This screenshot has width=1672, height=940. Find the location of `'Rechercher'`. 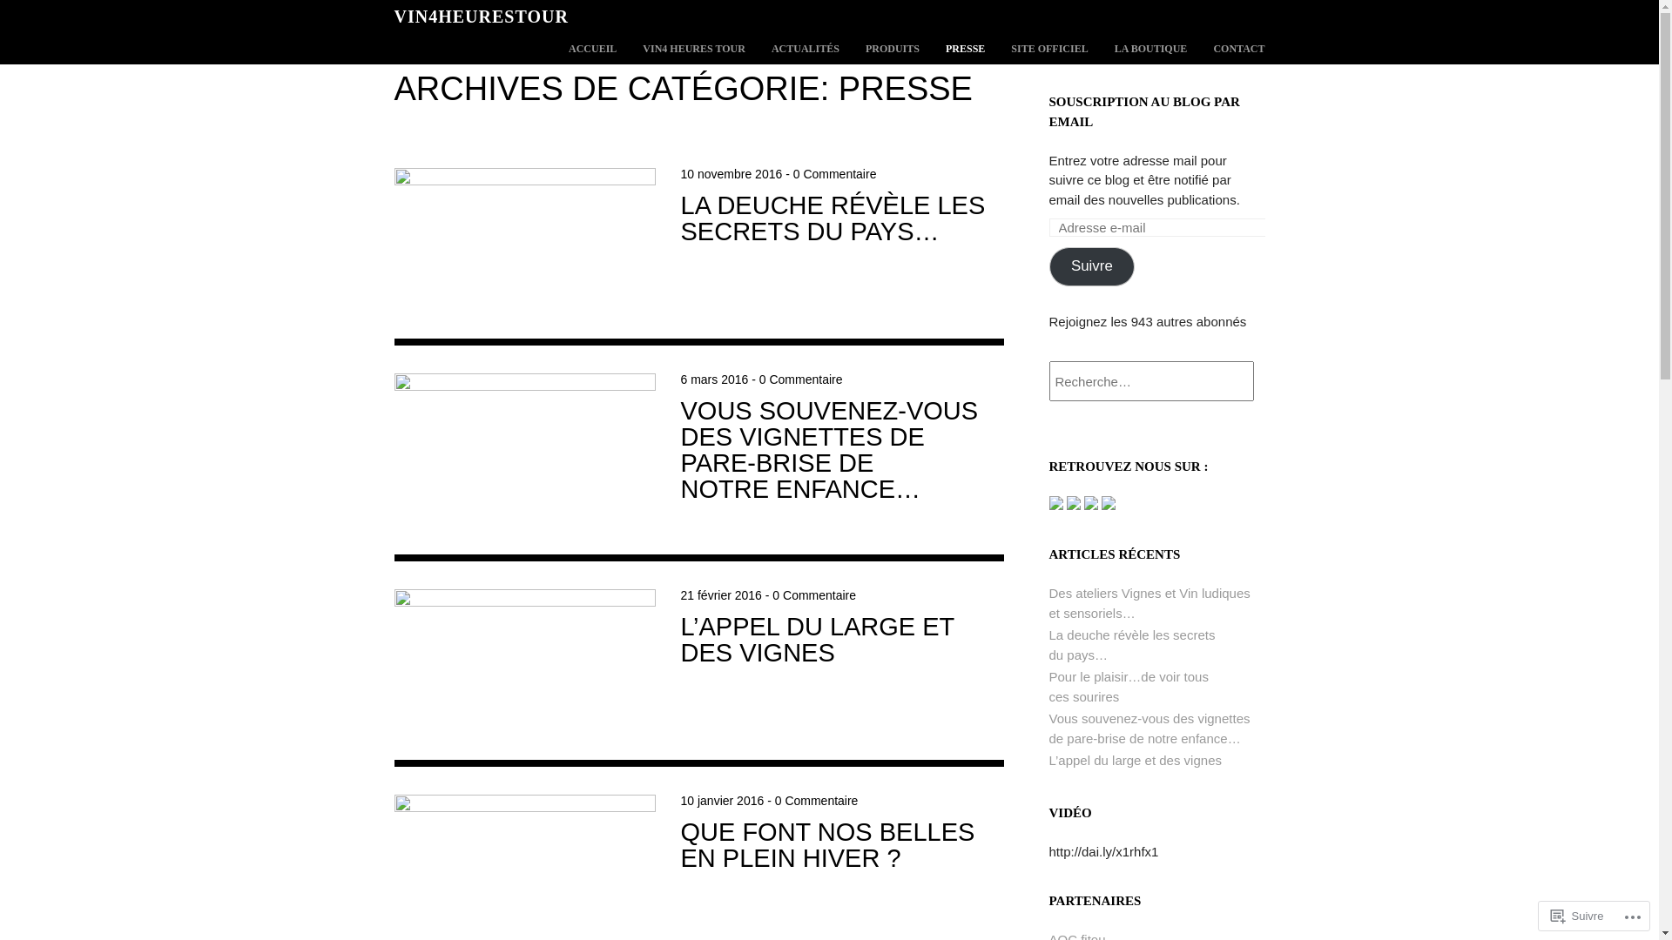

'Rechercher' is located at coordinates (65, 10).